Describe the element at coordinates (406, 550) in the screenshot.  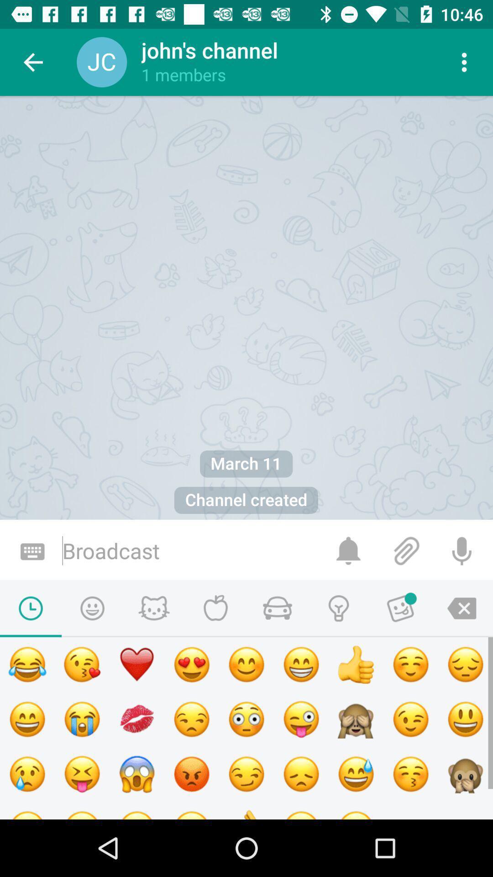
I see `the attach_file icon` at that location.